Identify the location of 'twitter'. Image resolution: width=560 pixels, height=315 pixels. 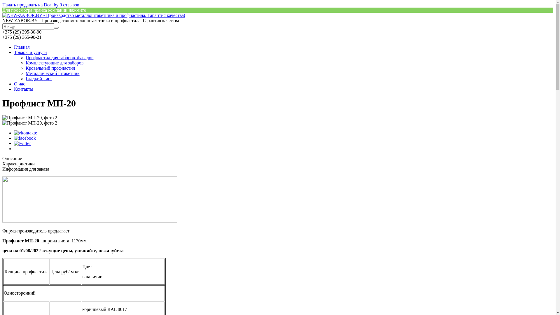
(22, 143).